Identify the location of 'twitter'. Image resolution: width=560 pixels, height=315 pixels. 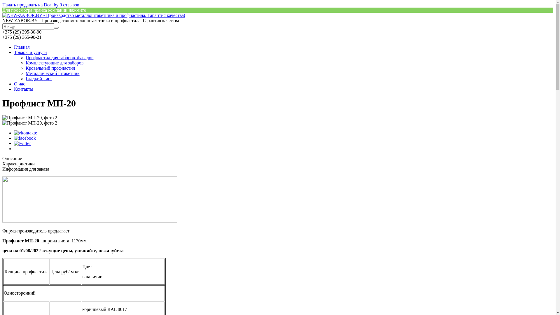
(22, 143).